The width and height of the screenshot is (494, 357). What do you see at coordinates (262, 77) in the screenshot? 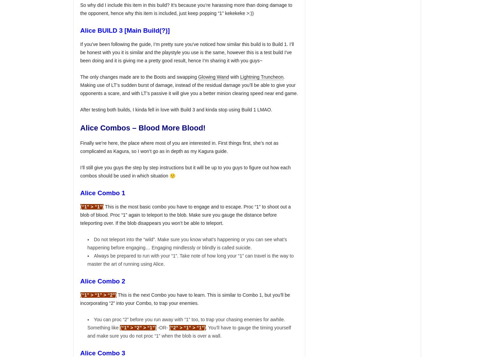
I see `'Lightning Truncheon'` at bounding box center [262, 77].